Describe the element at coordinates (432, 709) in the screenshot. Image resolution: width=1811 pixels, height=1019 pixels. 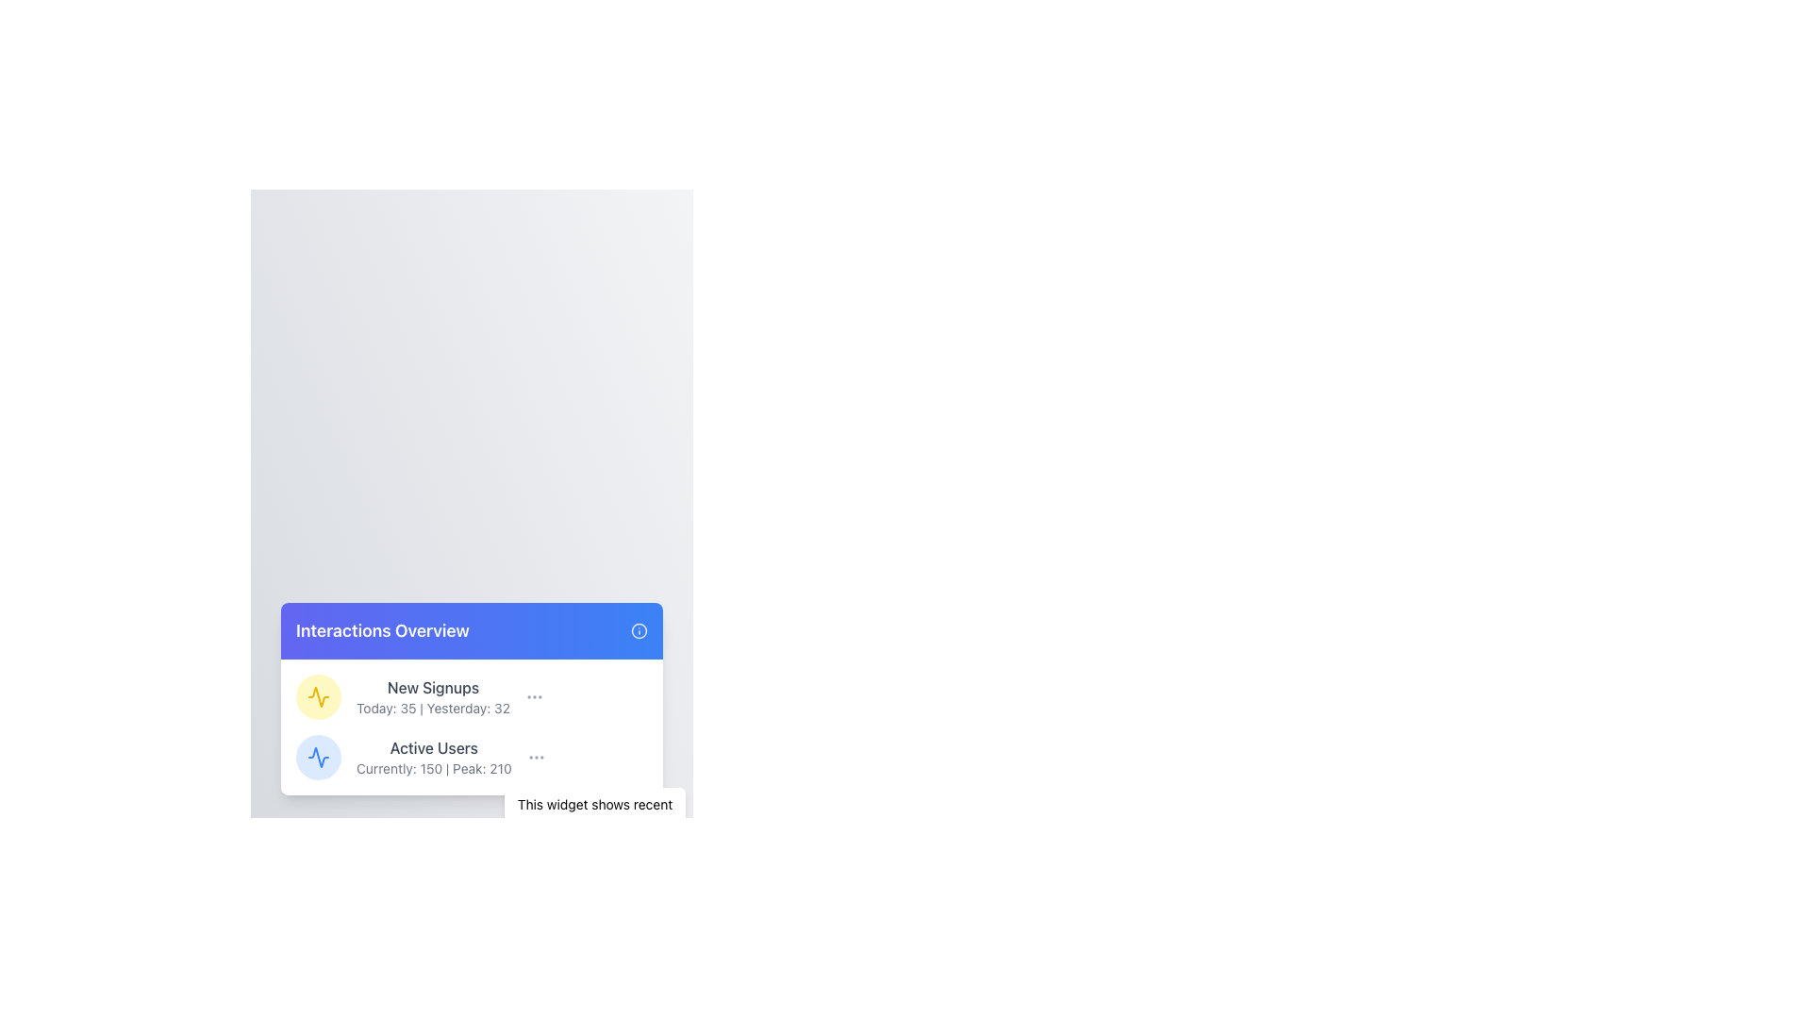
I see `text information displayed in the label showing 'Today: 35 | Yesterday: 32' located beneath the title 'New Signups' in the 'Interactions Overview' widget` at that location.